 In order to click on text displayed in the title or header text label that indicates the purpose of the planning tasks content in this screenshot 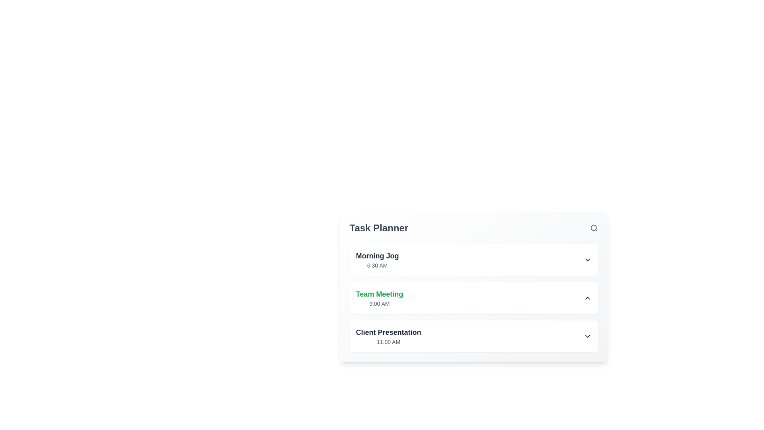, I will do `click(378, 228)`.